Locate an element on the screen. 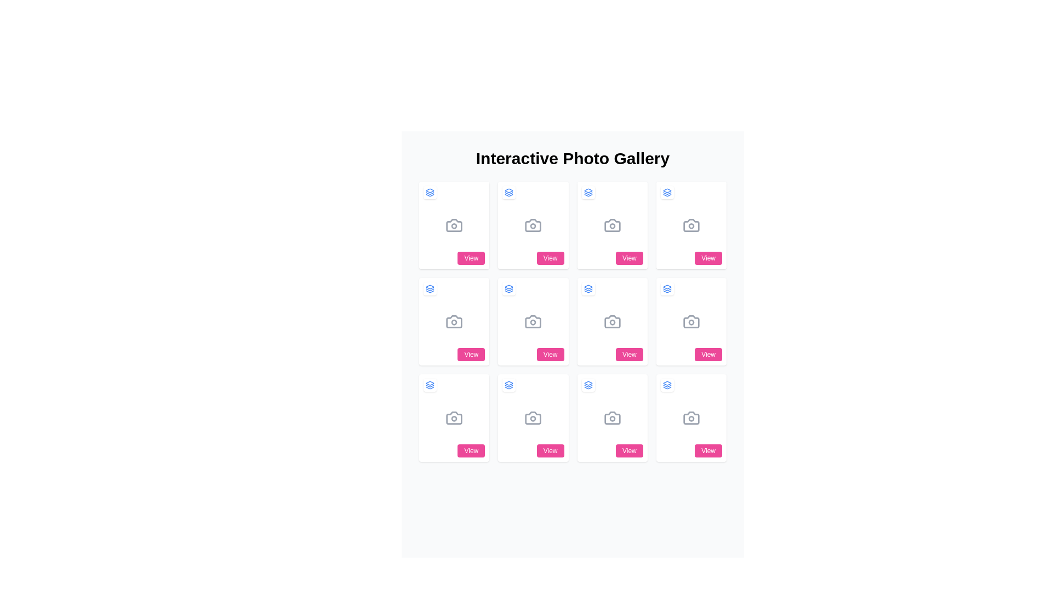 The image size is (1052, 591). the camera icon in the interactive photo gallery, located in the second row and first column of the card, which is centrally positioned above the 'View' button is located at coordinates (454, 321).